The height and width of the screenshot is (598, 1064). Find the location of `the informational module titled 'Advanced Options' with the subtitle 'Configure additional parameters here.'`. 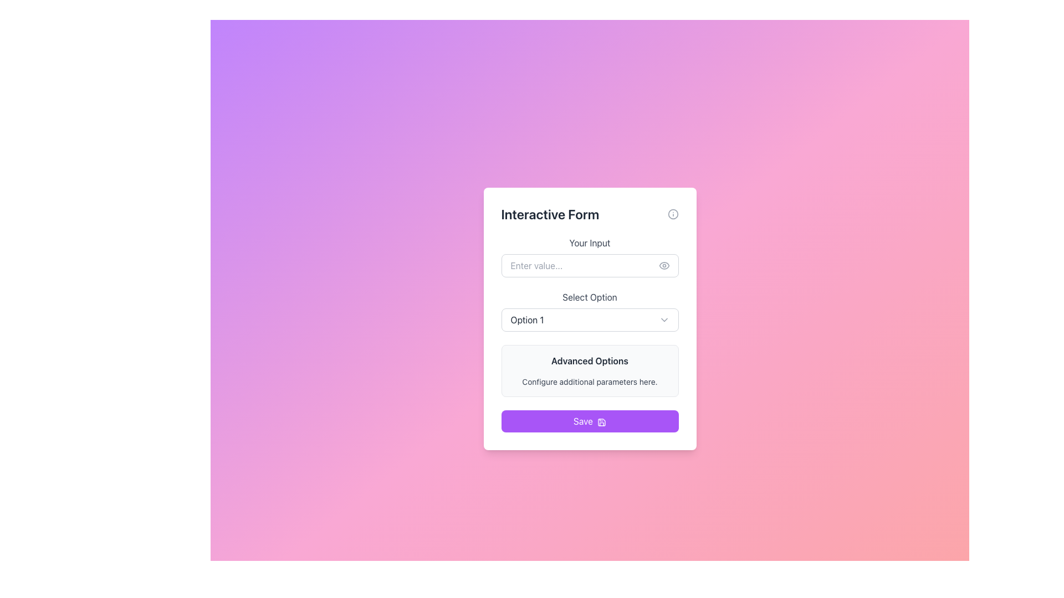

the informational module titled 'Advanced Options' with the subtitle 'Configure additional parameters here.' is located at coordinates (589, 371).